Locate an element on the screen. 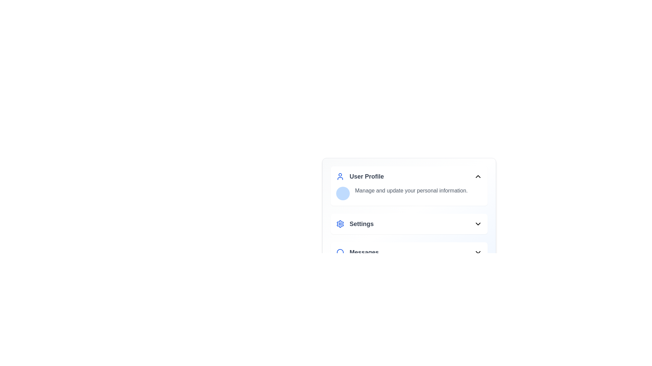 Image resolution: width=652 pixels, height=366 pixels. the 'Messages' menu item is located at coordinates (357, 252).